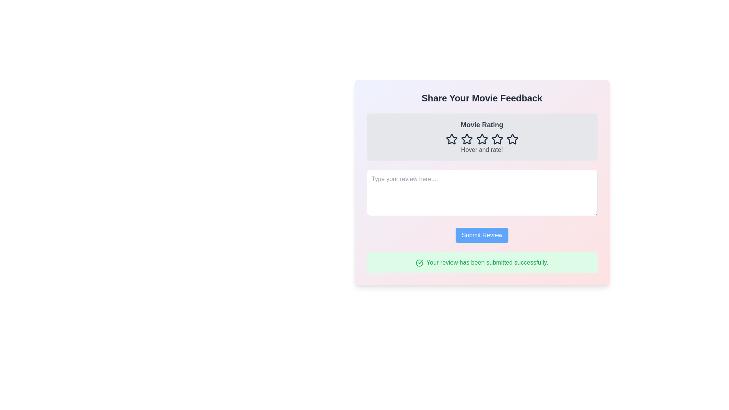 This screenshot has width=729, height=410. Describe the element at coordinates (481, 139) in the screenshot. I see `the third star icon in the movie rating system` at that location.